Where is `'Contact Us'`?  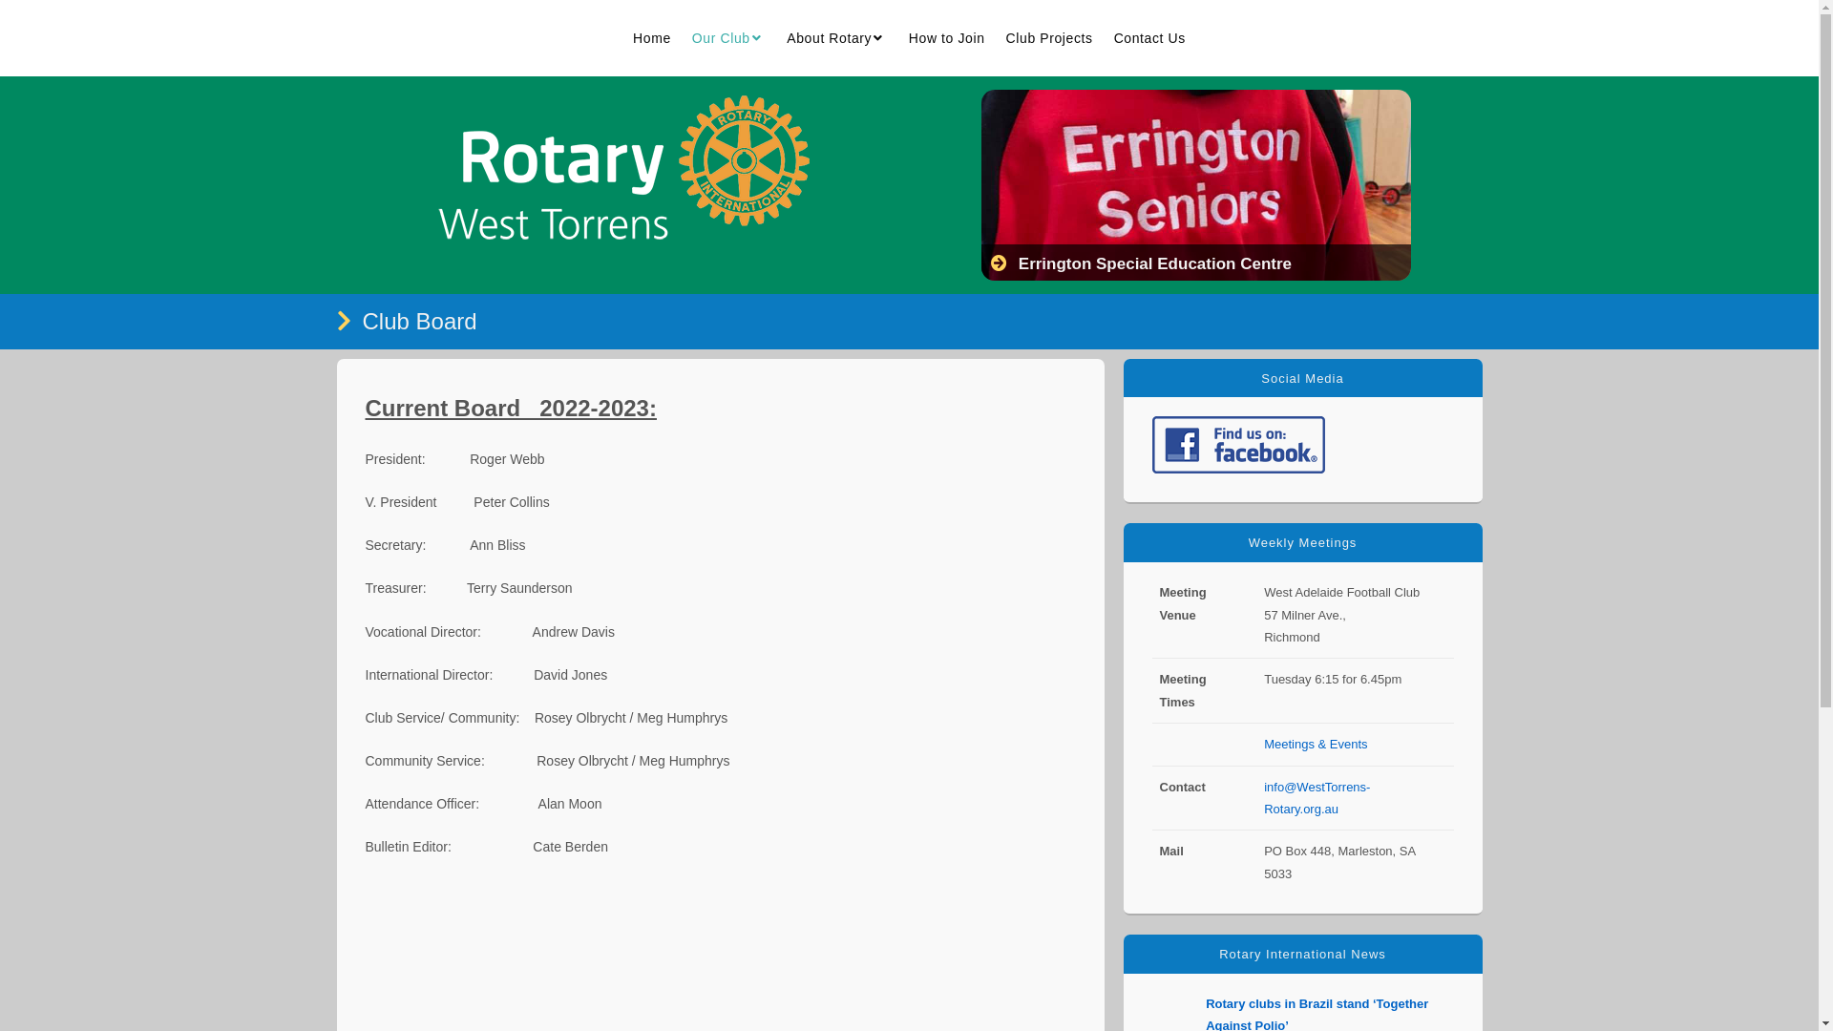
'Contact Us' is located at coordinates (1148, 37).